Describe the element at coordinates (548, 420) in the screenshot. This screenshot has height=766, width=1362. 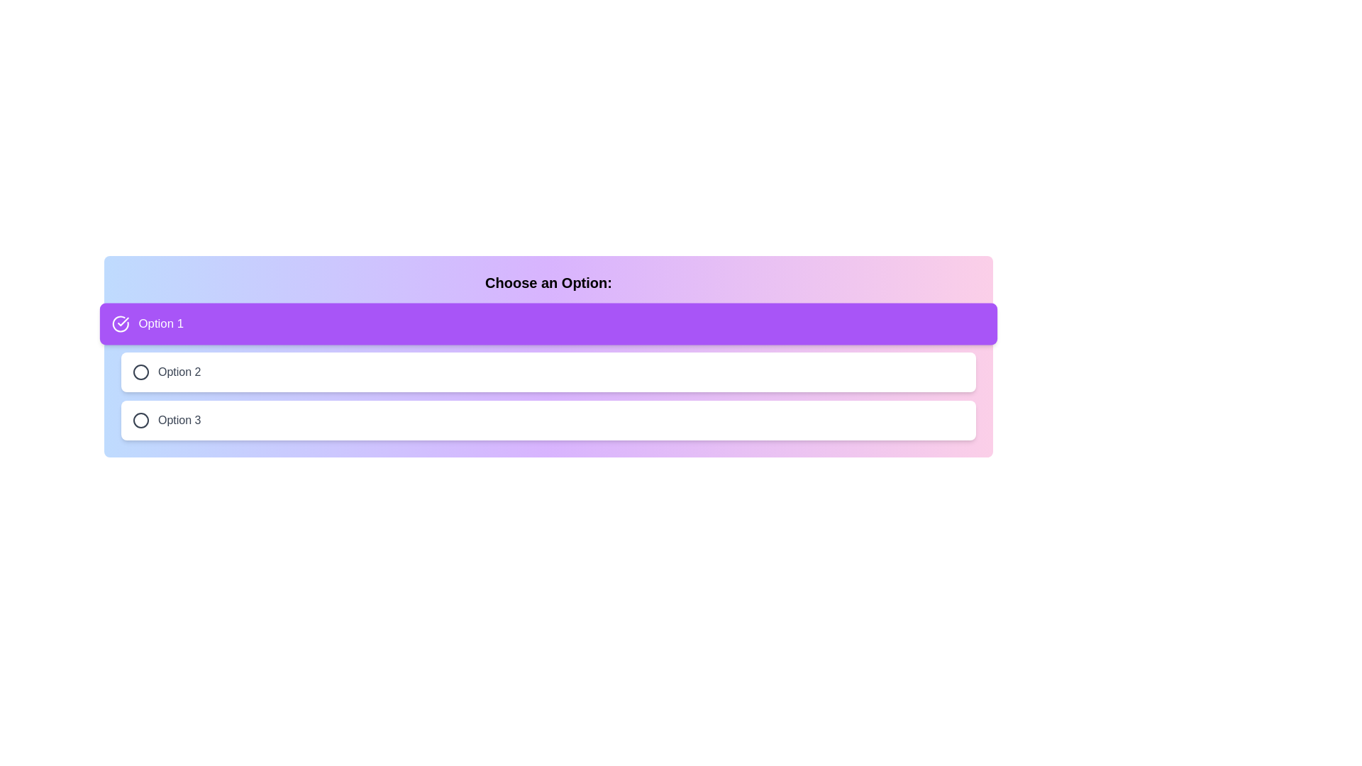
I see `the third selectable list item labeled 'Option 3'` at that location.